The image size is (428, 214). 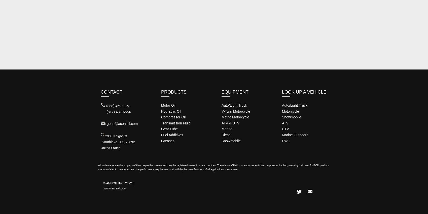 What do you see at coordinates (221, 117) in the screenshot?
I see `'Metric Motorcycle'` at bounding box center [221, 117].